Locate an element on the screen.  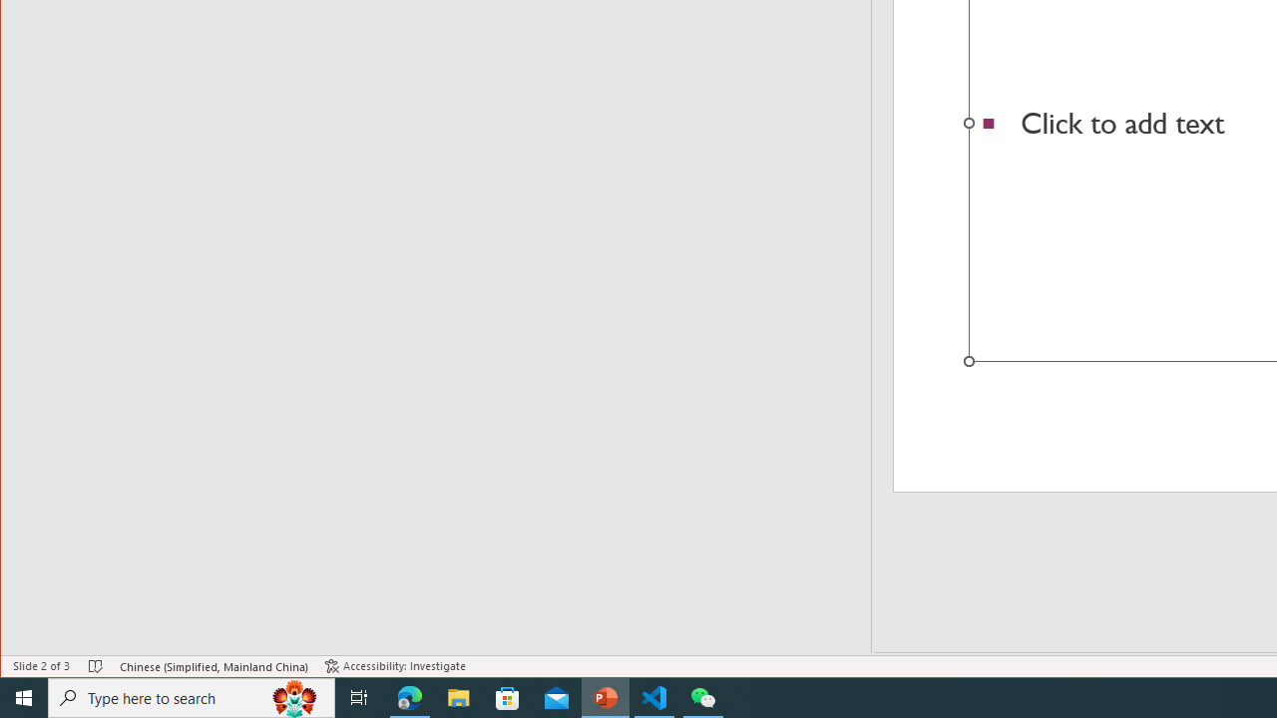
'Spell Check No Errors' is located at coordinates (95, 666).